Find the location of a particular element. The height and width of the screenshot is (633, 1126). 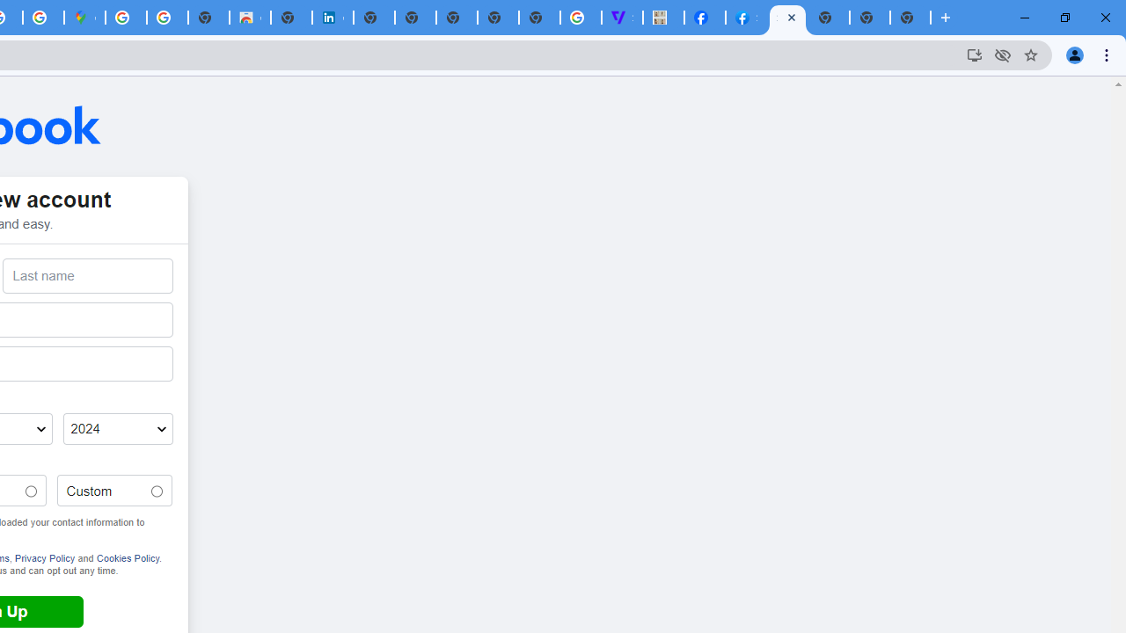

'Chrome Web Store' is located at coordinates (249, 18).